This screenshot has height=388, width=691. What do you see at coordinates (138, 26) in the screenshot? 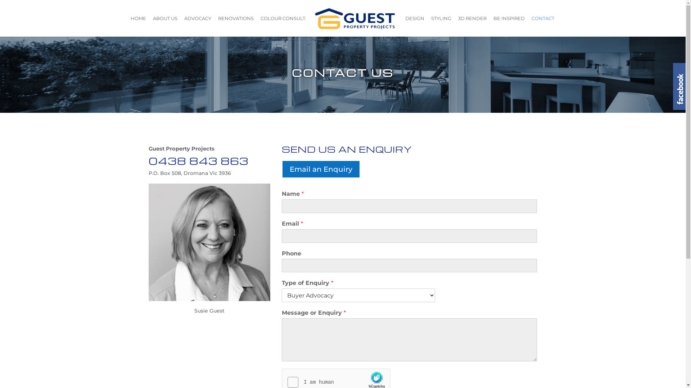
I see `'HOME'` at bounding box center [138, 26].